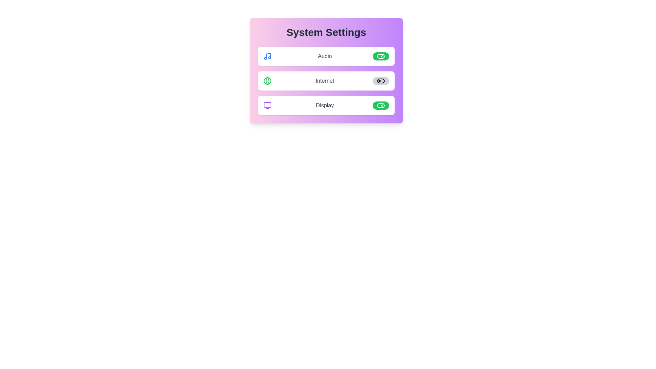 The width and height of the screenshot is (656, 369). Describe the element at coordinates (267, 80) in the screenshot. I see `the green circle SVG element that is part of the 'Internet' icon in the 'System Settings' interface` at that location.